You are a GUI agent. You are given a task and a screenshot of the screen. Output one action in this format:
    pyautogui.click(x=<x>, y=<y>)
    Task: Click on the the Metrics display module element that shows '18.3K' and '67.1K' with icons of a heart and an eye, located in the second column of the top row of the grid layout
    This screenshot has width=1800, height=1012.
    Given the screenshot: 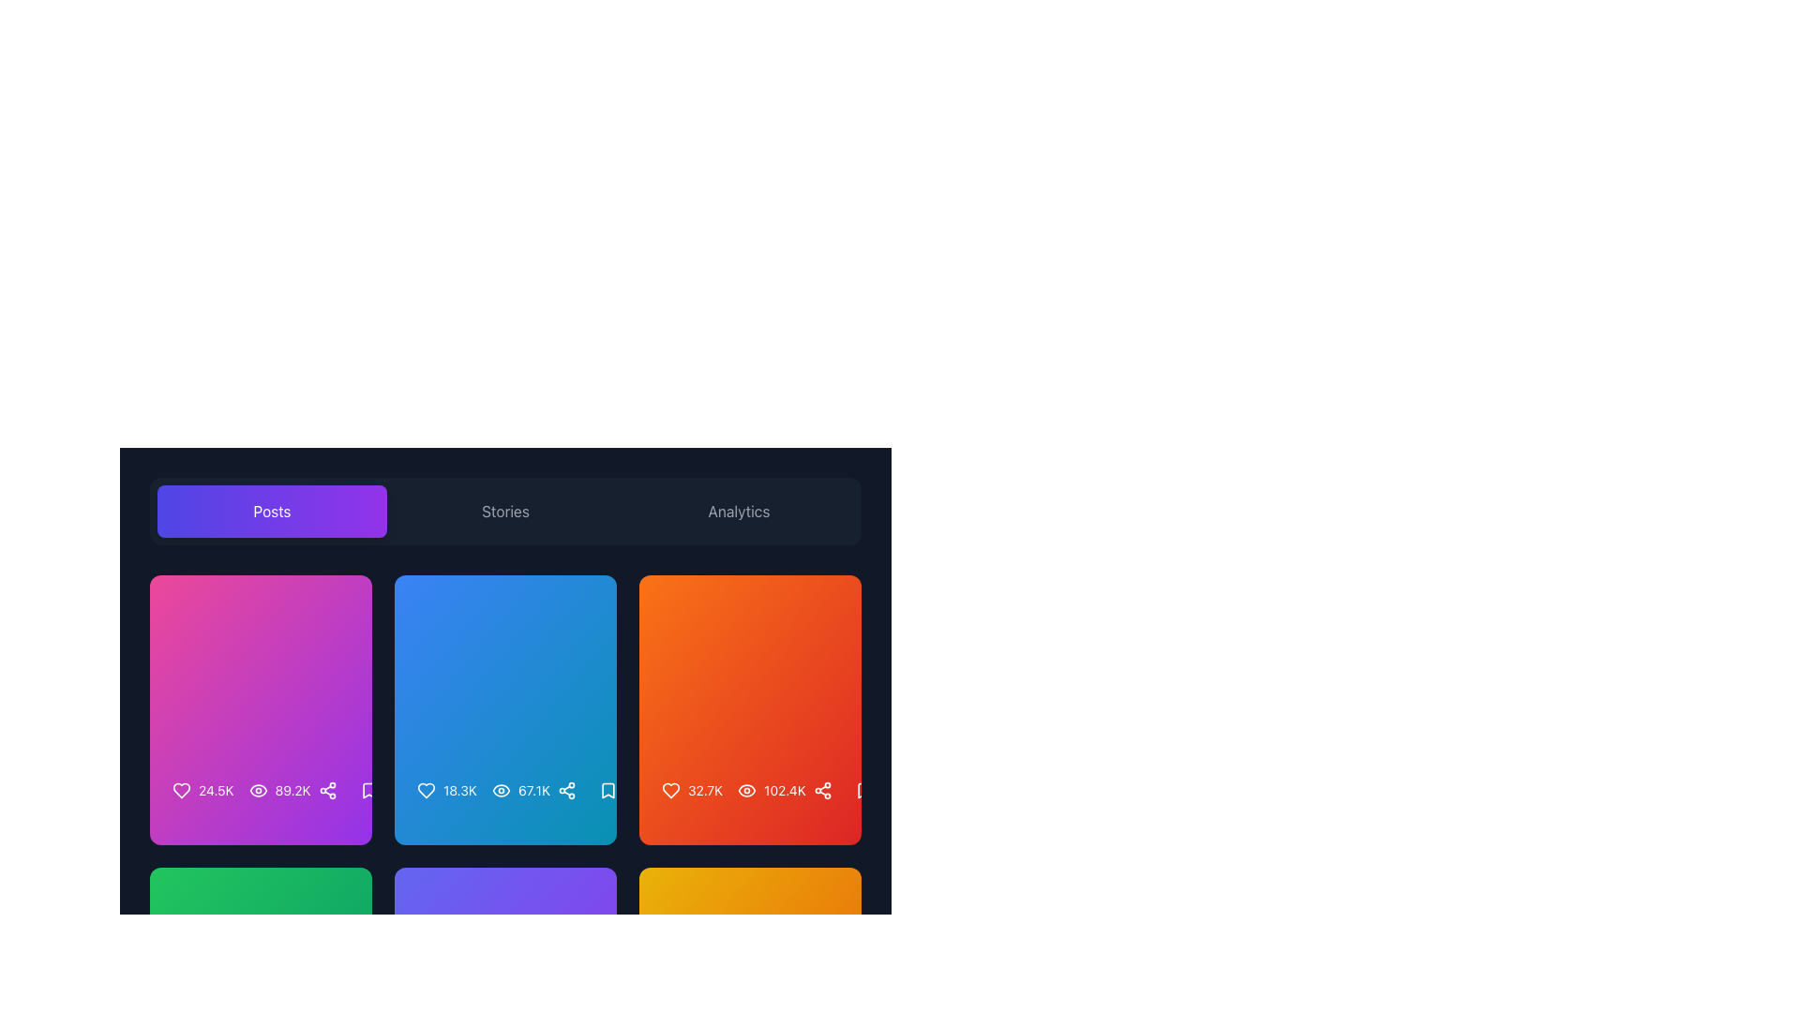 What is the action you would take?
    pyautogui.click(x=505, y=798)
    